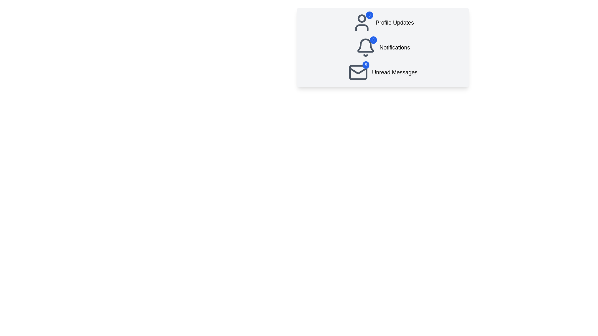 The width and height of the screenshot is (598, 336). Describe the element at coordinates (382, 22) in the screenshot. I see `the List Item with Notification Badge that displays the text 'Profile Updates' and the badge with the number '8'` at that location.